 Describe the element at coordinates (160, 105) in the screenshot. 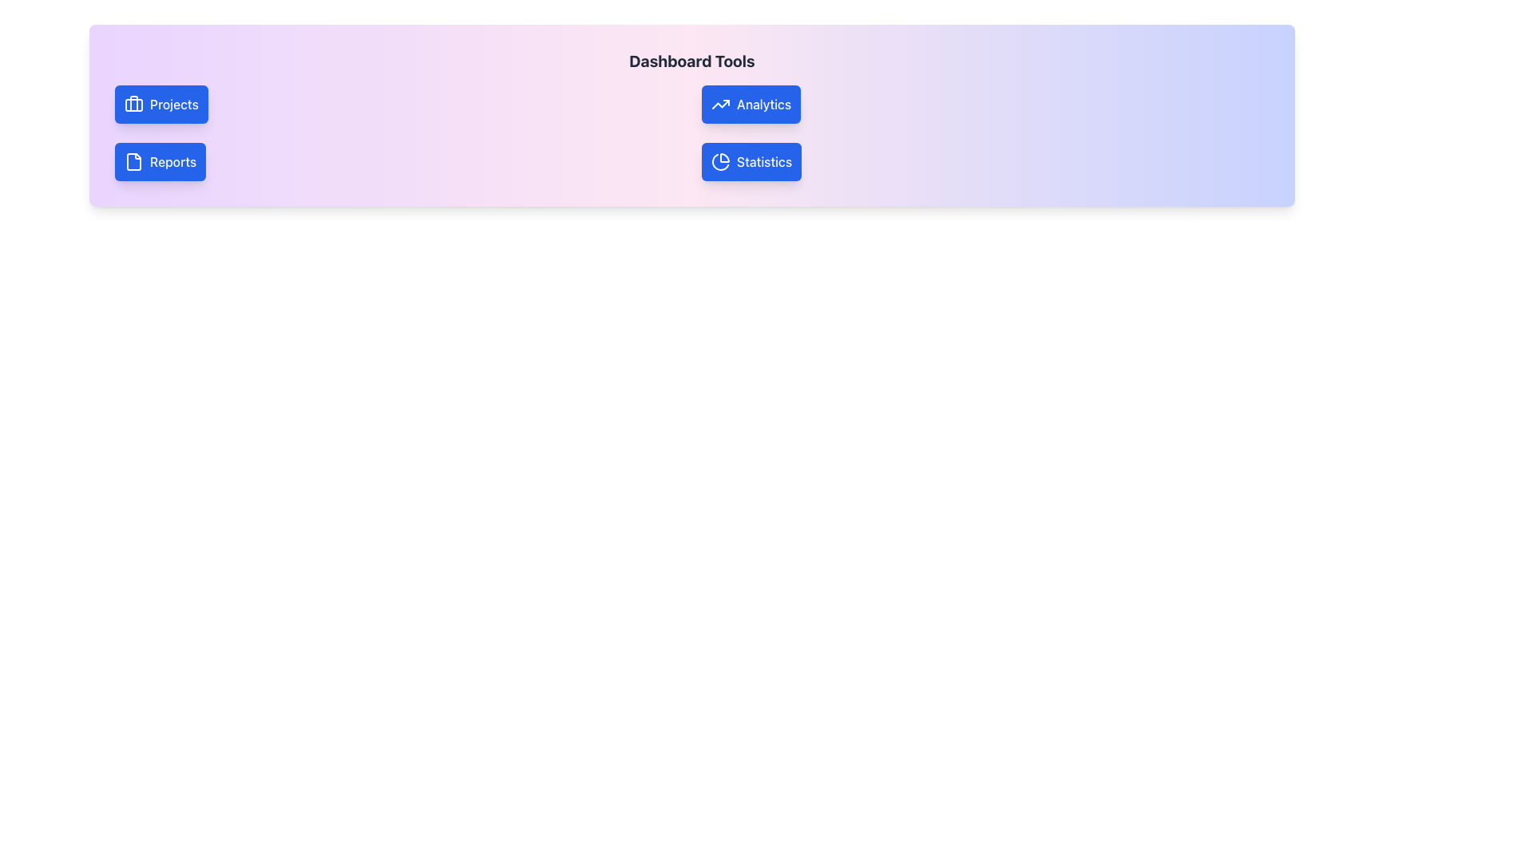

I see `the rectangular button with a blue background labeled 'Projects'` at that location.